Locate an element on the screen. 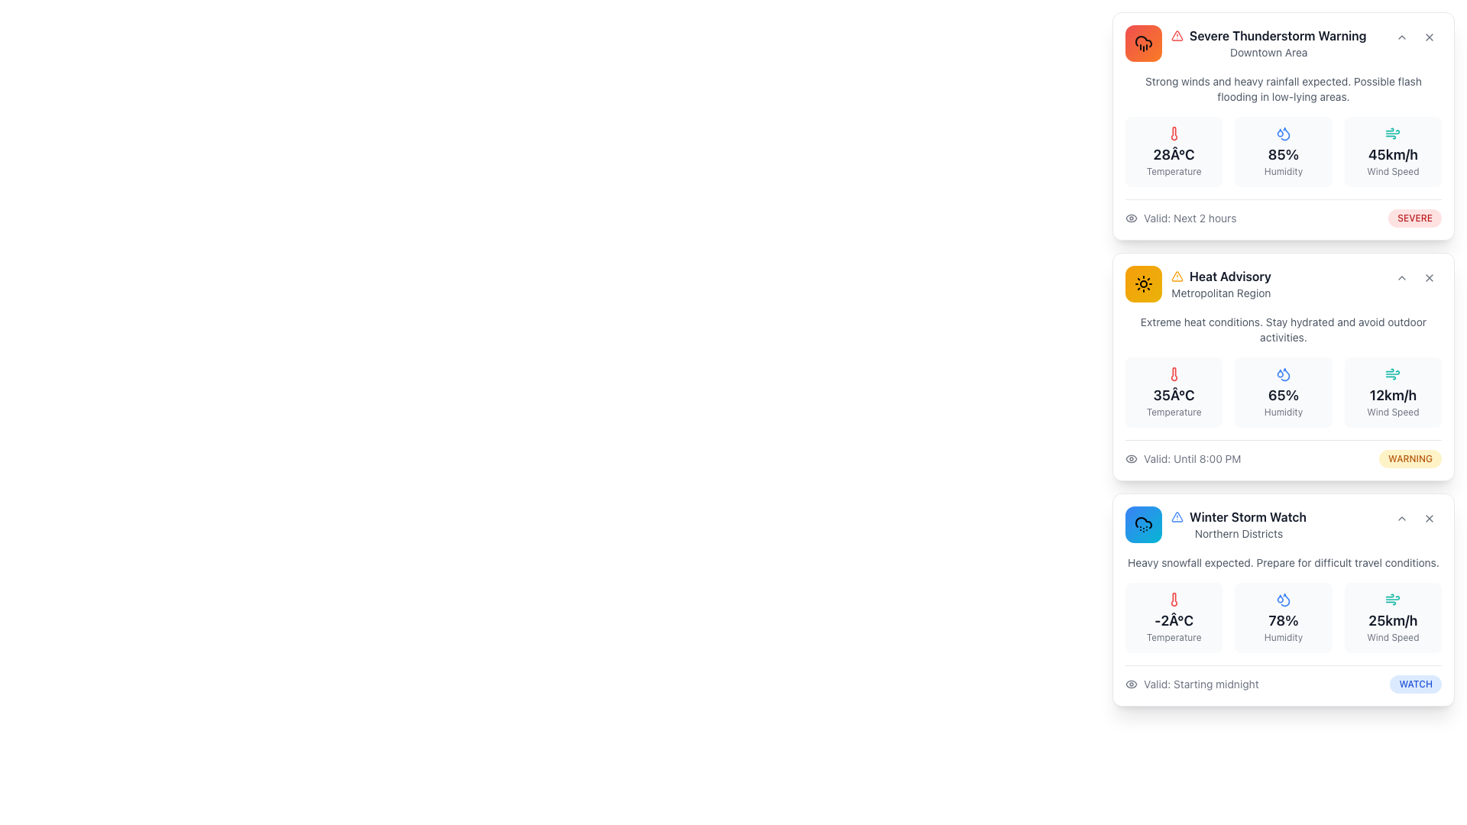  value displayed in the bold, medium-sized text labeled '35Â°C' located within the second card of the temperature-related information section is located at coordinates (1173, 394).